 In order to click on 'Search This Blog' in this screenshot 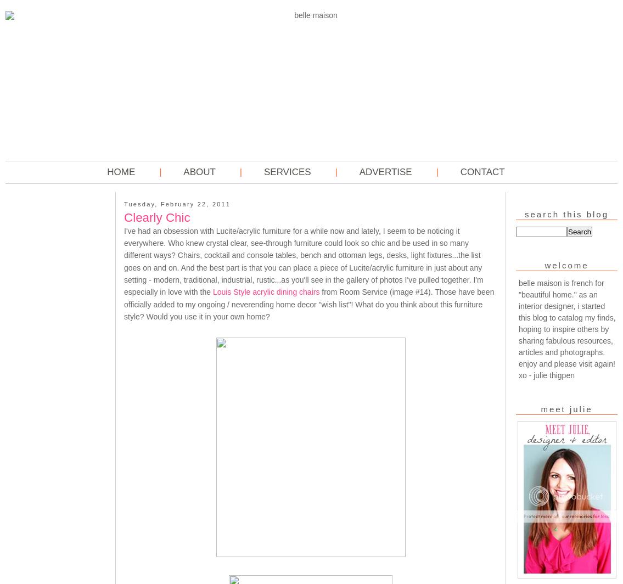, I will do `click(566, 214)`.